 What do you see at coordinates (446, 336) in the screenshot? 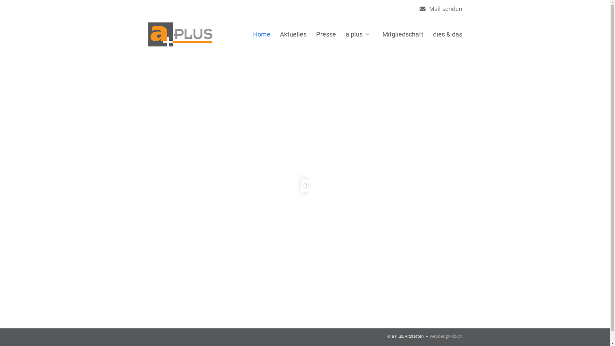
I see `'webdesign-bb.ch'` at bounding box center [446, 336].